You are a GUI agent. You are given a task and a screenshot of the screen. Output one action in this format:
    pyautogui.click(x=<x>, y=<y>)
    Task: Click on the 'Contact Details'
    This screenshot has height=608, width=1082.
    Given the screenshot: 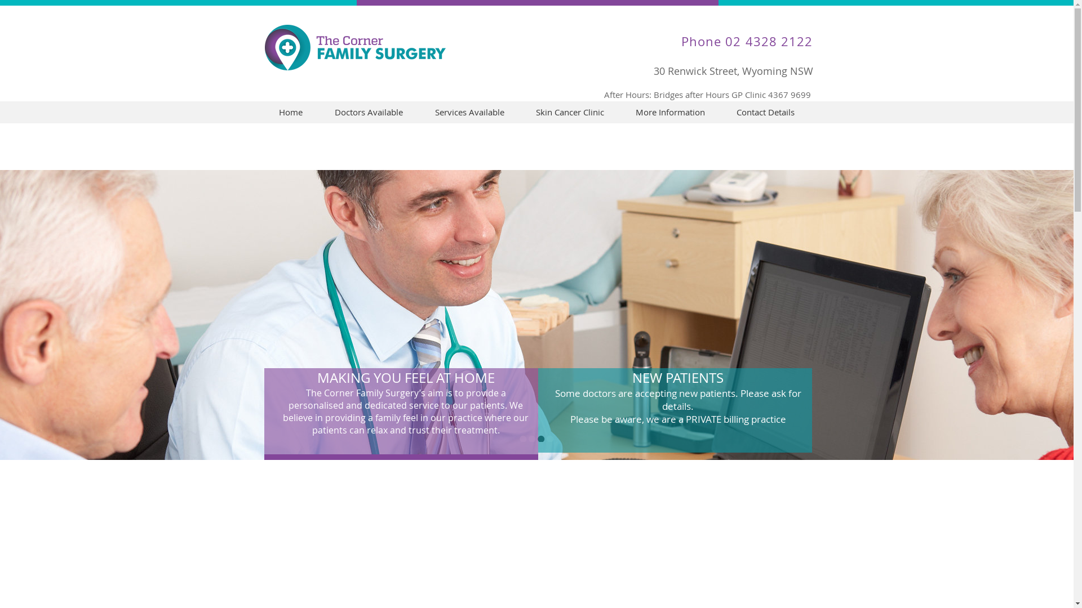 What is the action you would take?
    pyautogui.click(x=765, y=112)
    